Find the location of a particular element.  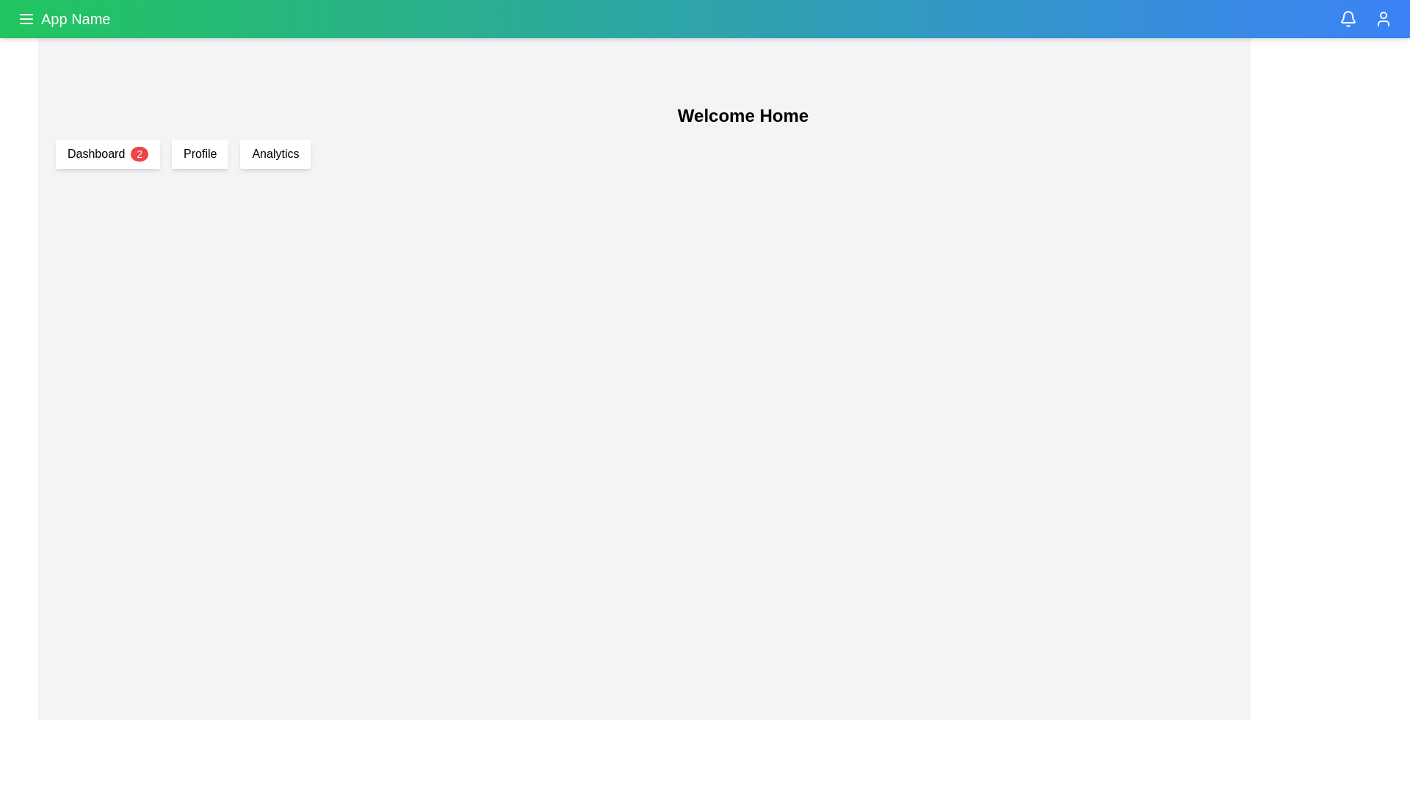

the 'Analytics' button, which is the third button in a horizontal arrangement of buttons located just below a gradient navigation bar is located at coordinates (275, 153).